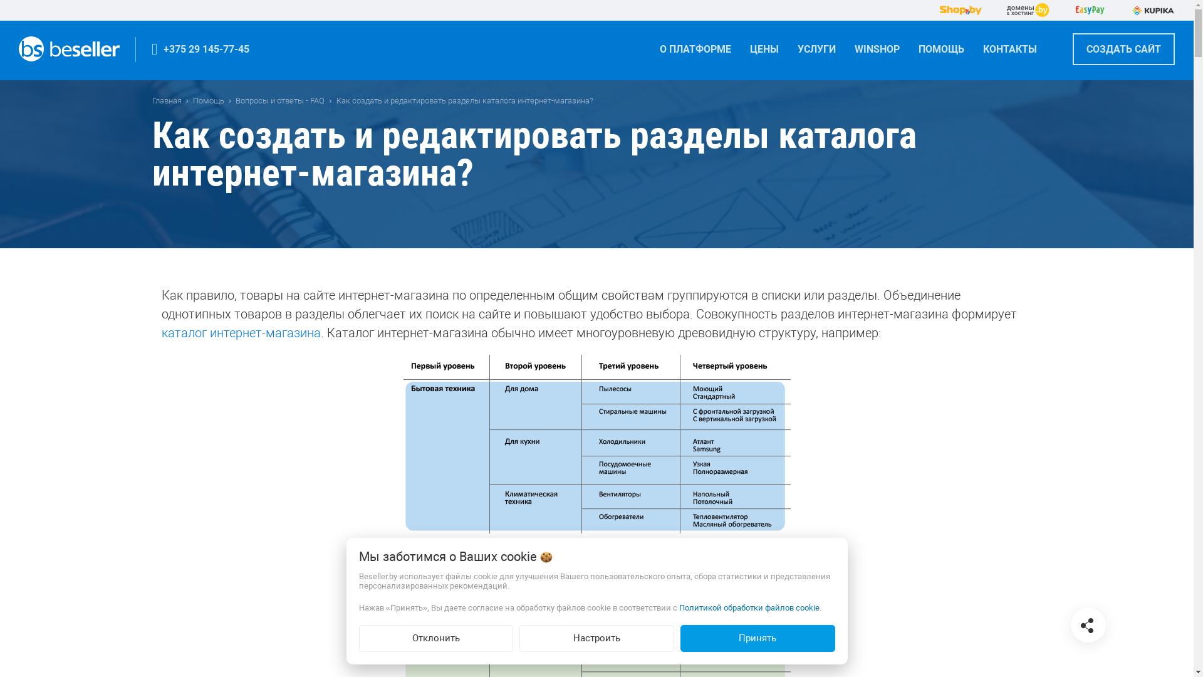  I want to click on 'WINSHOP', so click(877, 53).